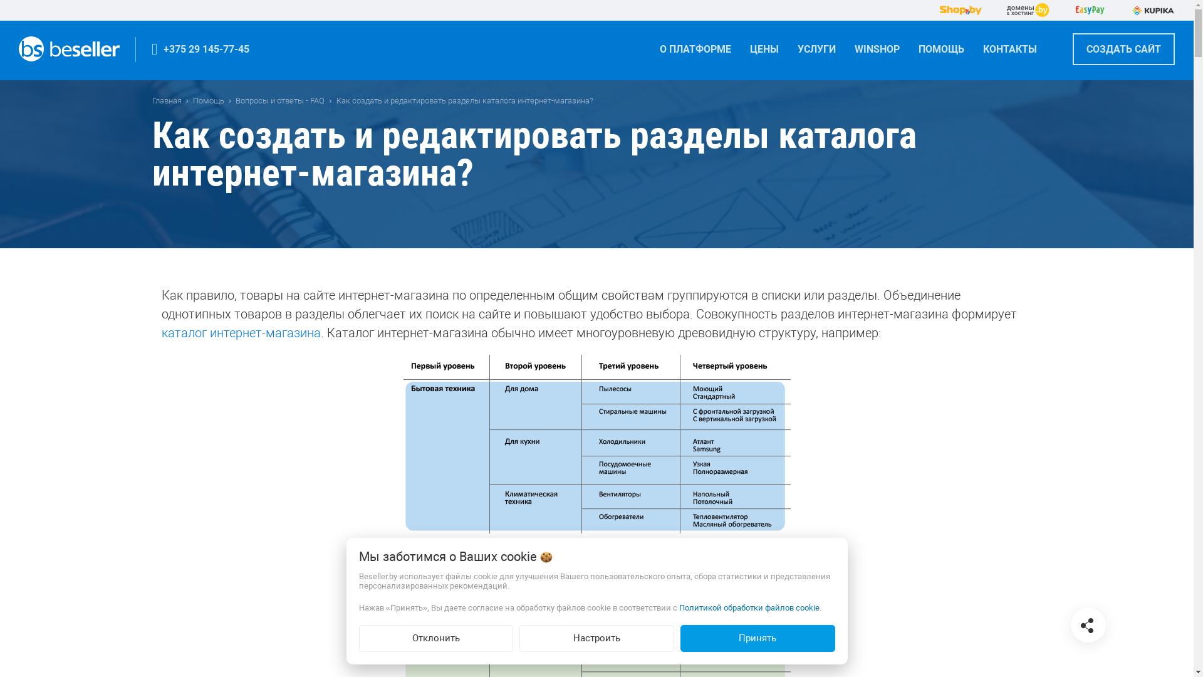  I want to click on 'WINSHOP', so click(877, 53).